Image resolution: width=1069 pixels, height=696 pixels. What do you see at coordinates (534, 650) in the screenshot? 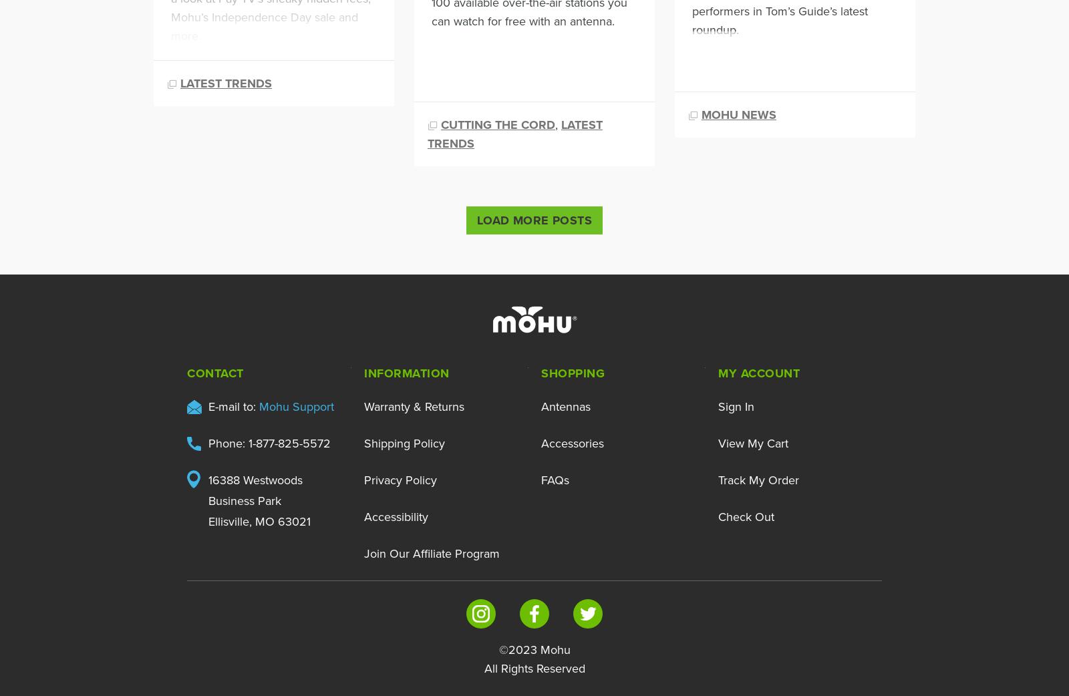
I see `'©2023 Mohu'` at bounding box center [534, 650].